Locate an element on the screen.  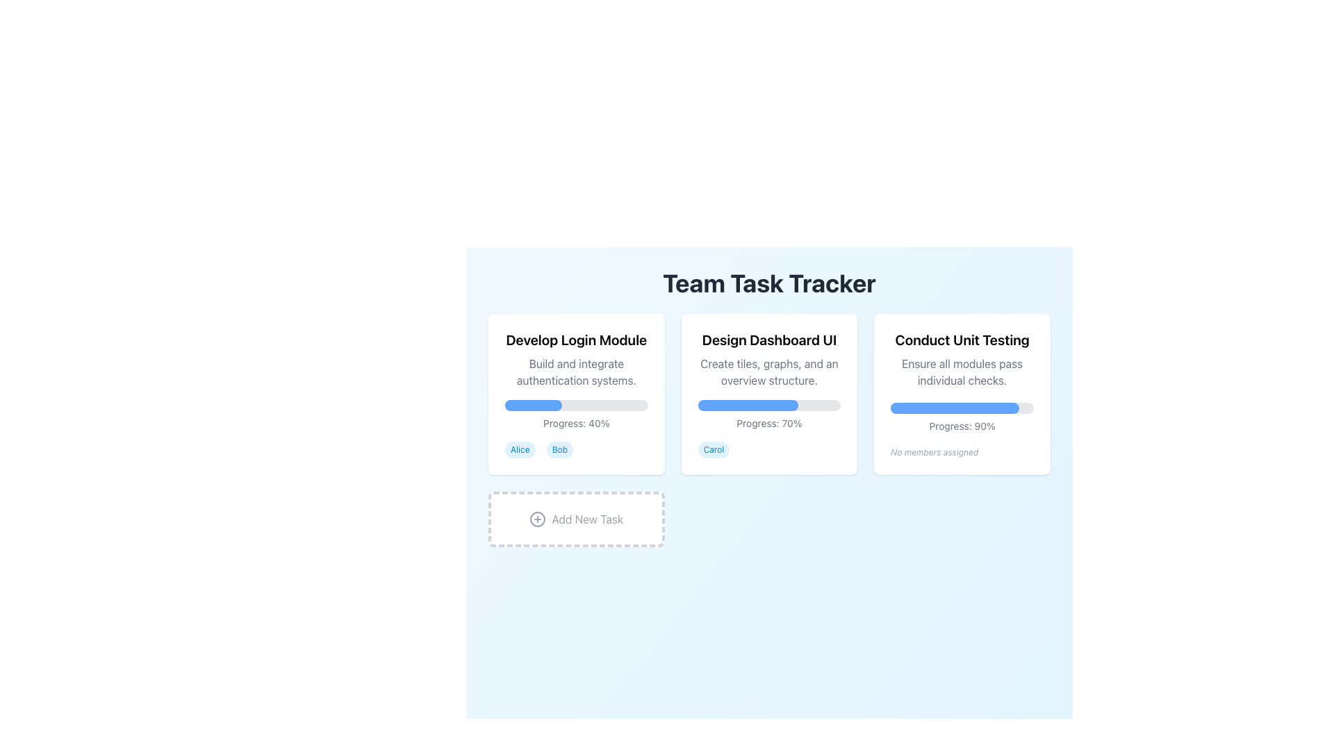
the large, bold header displaying 'Team Task Tracker' which is centrally positioned at the top of the interface is located at coordinates (768, 283).